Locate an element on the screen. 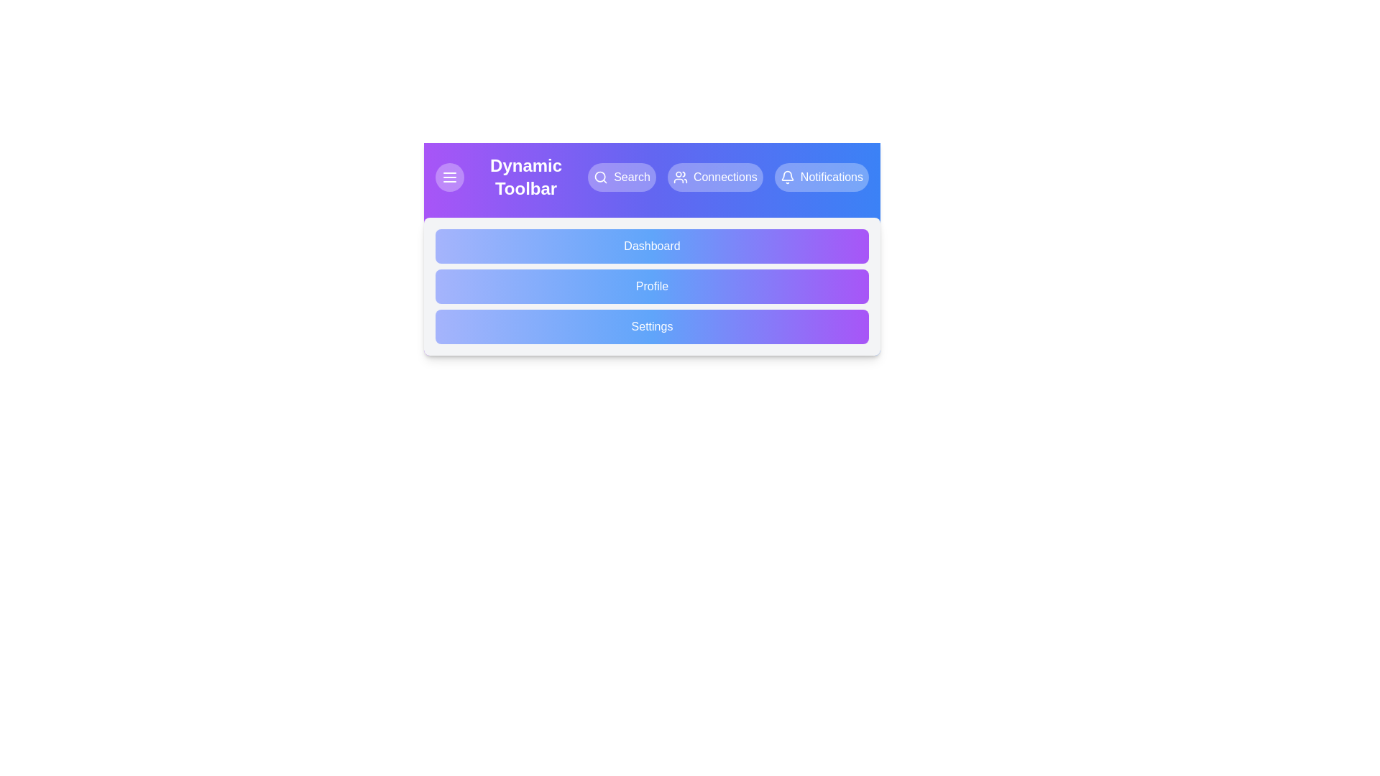 This screenshot has height=776, width=1380. the 'Connections' button to view connections is located at coordinates (714, 176).